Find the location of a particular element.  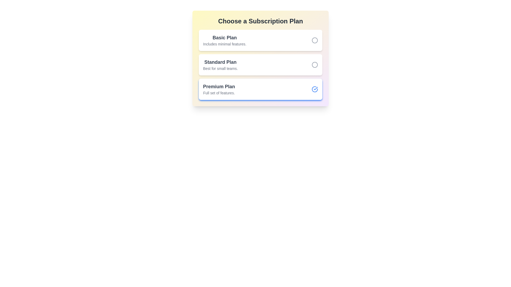

the subscription plan Basic Plan by clicking its corresponding button is located at coordinates (315, 40).